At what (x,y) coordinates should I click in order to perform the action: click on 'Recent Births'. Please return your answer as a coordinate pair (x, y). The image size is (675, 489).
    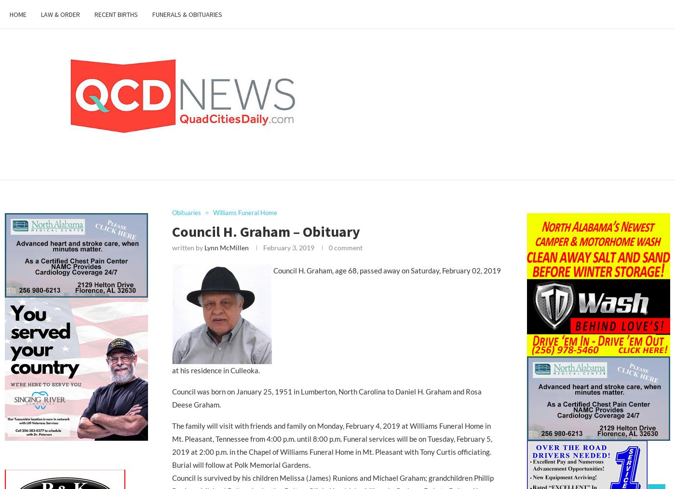
    Looking at the image, I should click on (116, 14).